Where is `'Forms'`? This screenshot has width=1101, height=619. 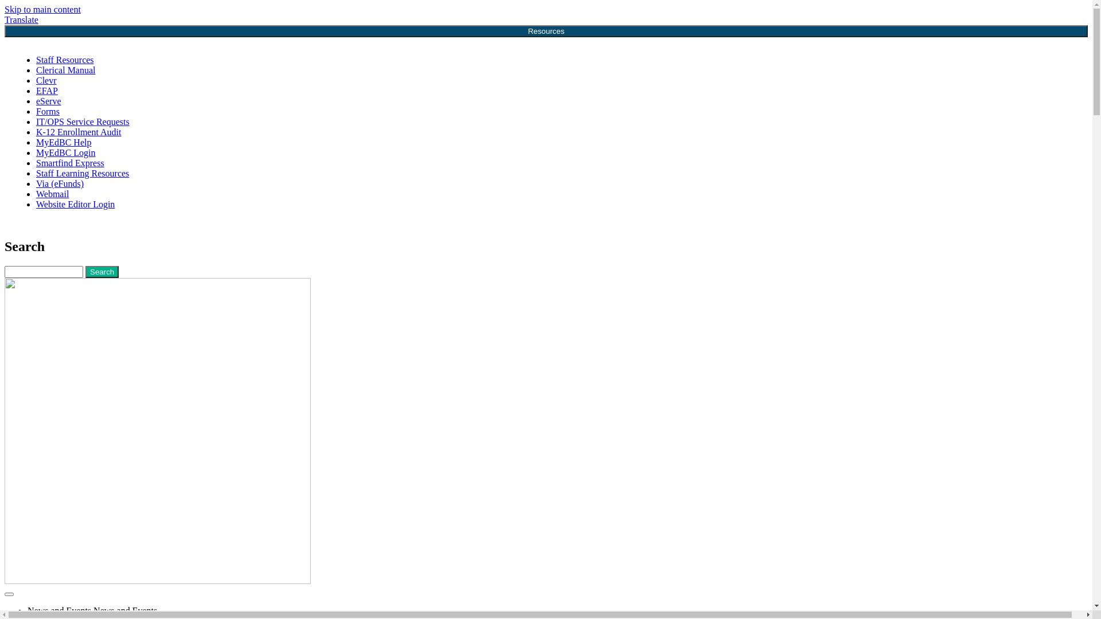
'Forms' is located at coordinates (47, 111).